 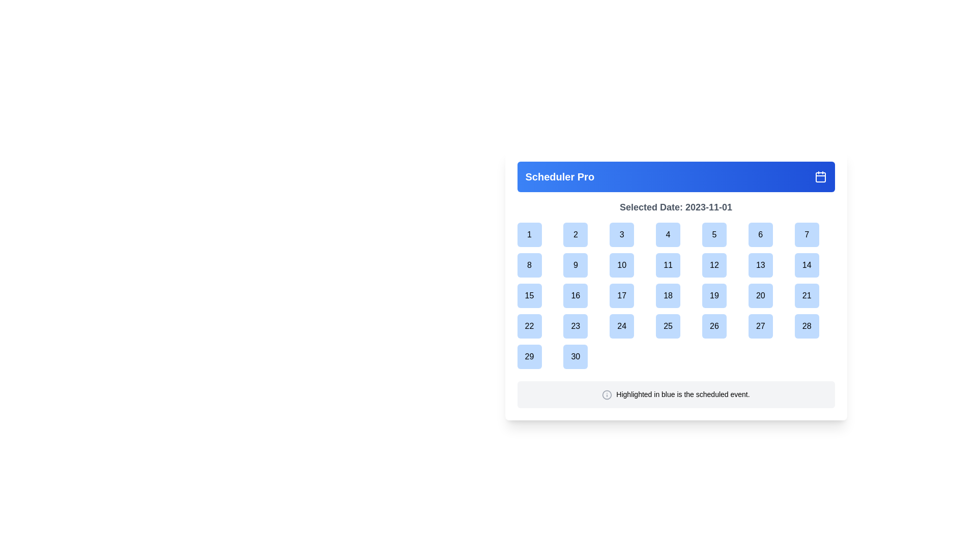 I want to click on the date selector button displaying '30' in the second column of the last row in the calendar grid, so click(x=583, y=356).